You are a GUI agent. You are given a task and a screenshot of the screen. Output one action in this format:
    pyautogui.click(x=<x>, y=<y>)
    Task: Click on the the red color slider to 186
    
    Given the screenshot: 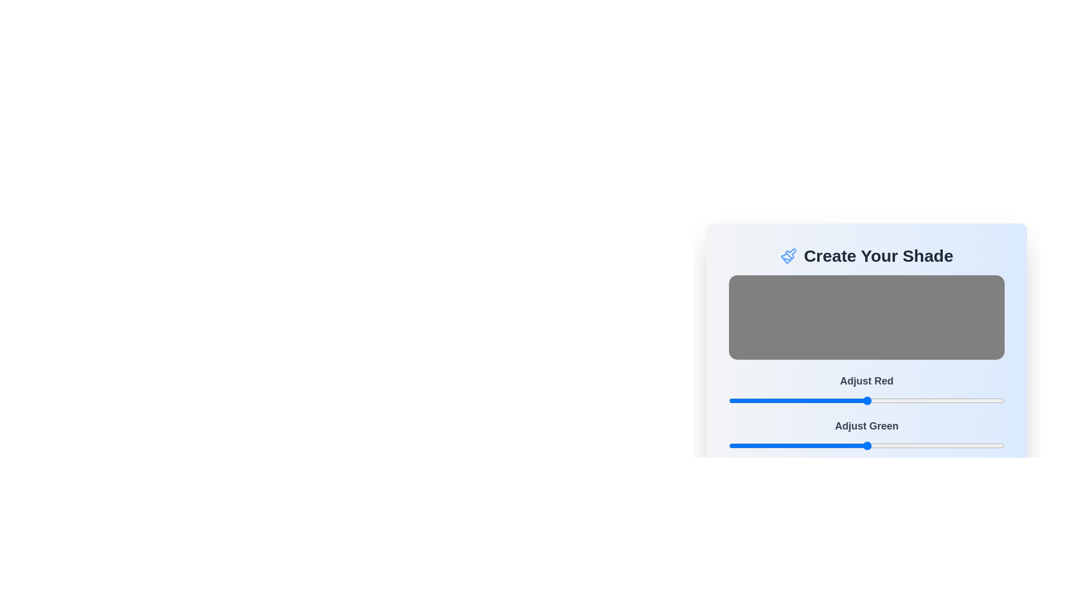 What is the action you would take?
    pyautogui.click(x=930, y=400)
    